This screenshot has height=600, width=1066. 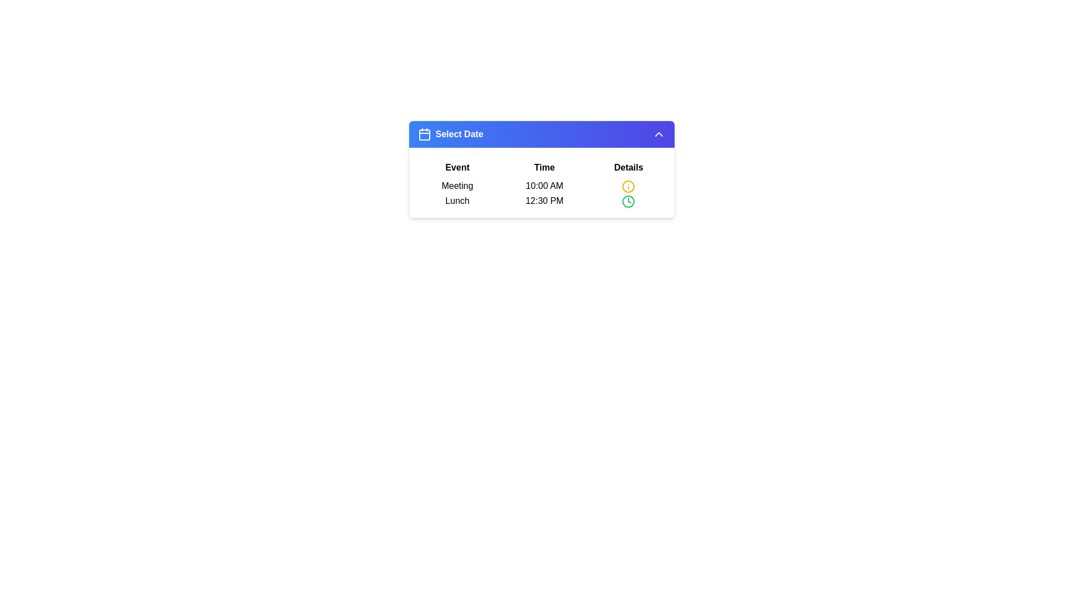 I want to click on the schedule table that displays events and their details, so click(x=541, y=182).